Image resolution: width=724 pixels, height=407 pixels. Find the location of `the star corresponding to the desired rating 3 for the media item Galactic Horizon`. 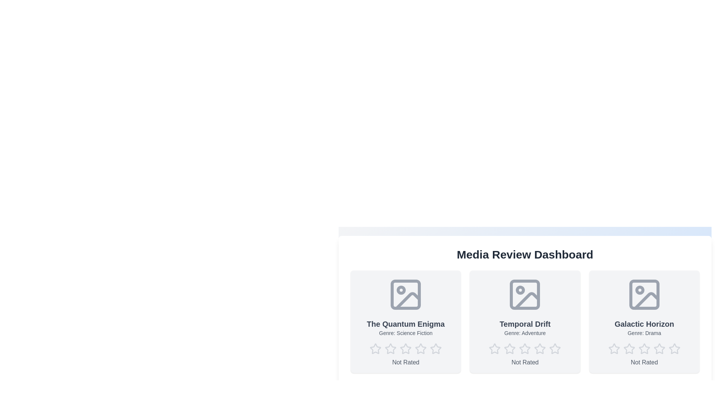

the star corresponding to the desired rating 3 for the media item Galactic Horizon is located at coordinates (644, 349).